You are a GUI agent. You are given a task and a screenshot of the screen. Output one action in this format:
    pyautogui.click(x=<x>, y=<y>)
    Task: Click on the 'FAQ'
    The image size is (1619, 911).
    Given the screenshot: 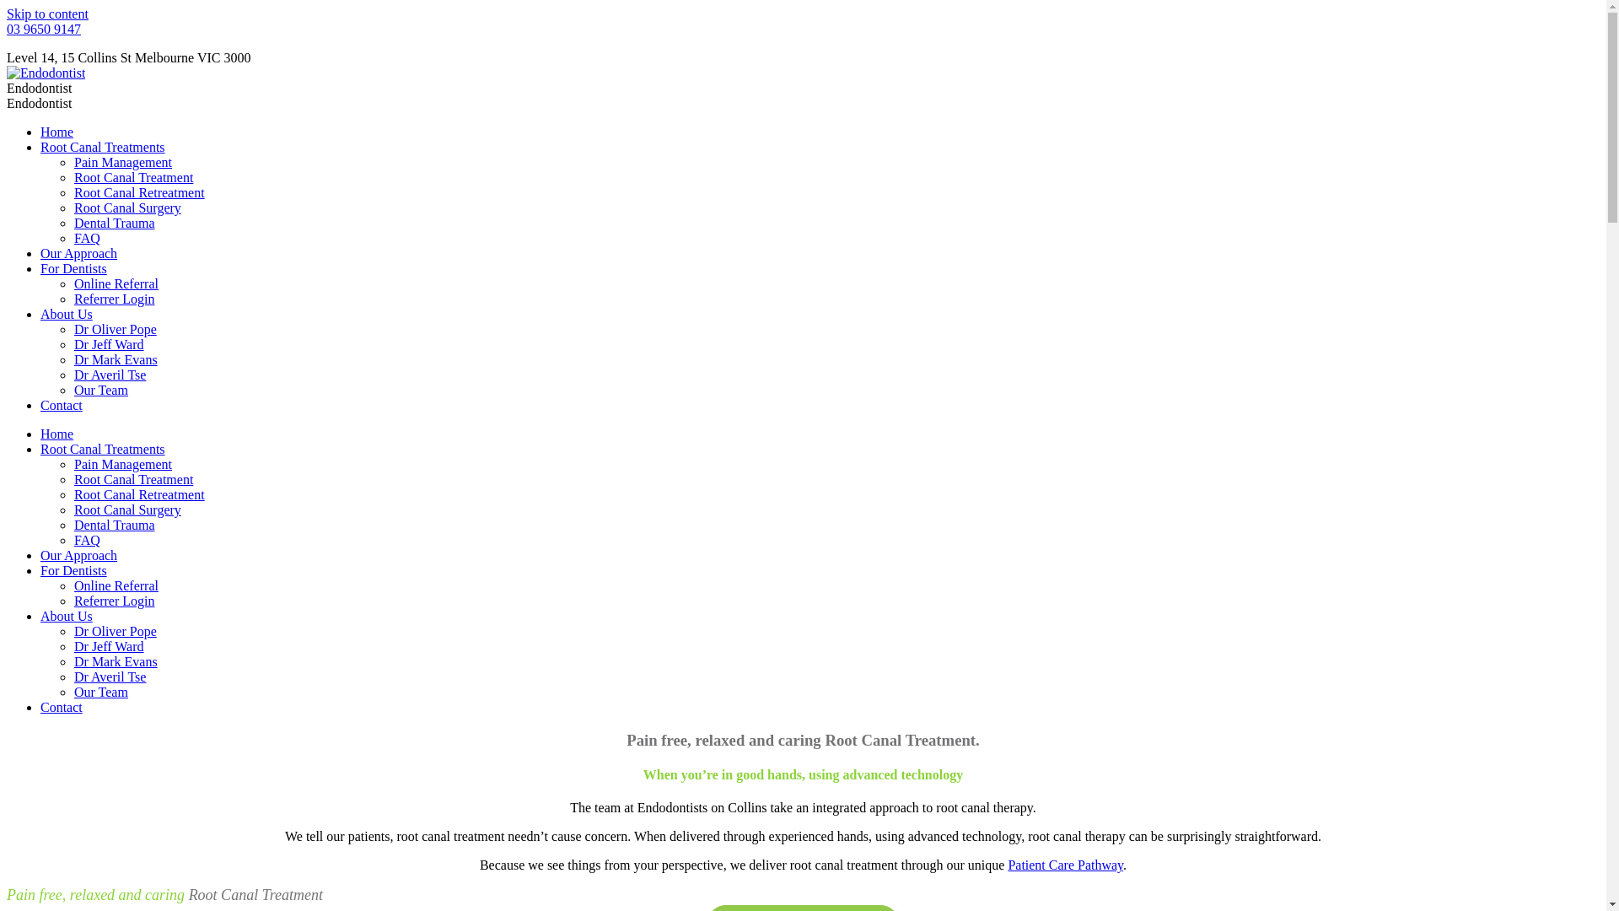 What is the action you would take?
    pyautogui.click(x=86, y=238)
    